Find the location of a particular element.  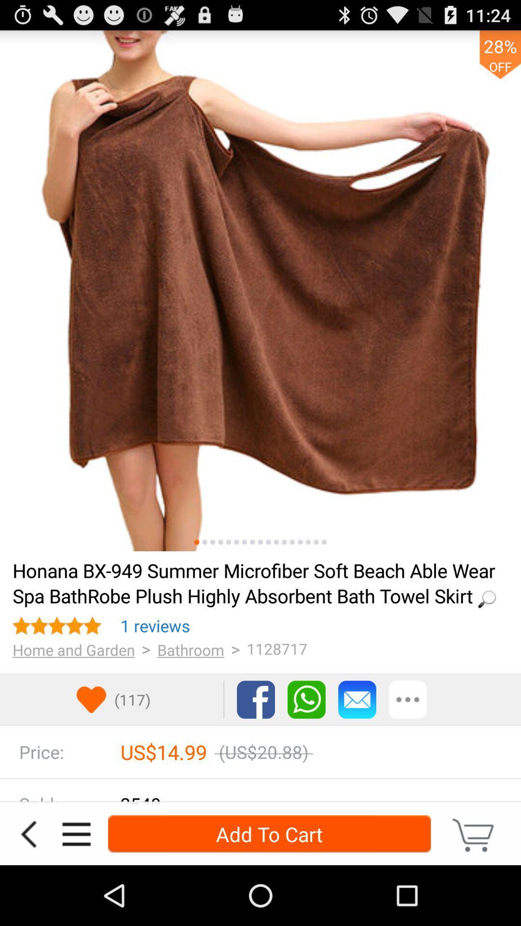

menu is located at coordinates (76, 833).